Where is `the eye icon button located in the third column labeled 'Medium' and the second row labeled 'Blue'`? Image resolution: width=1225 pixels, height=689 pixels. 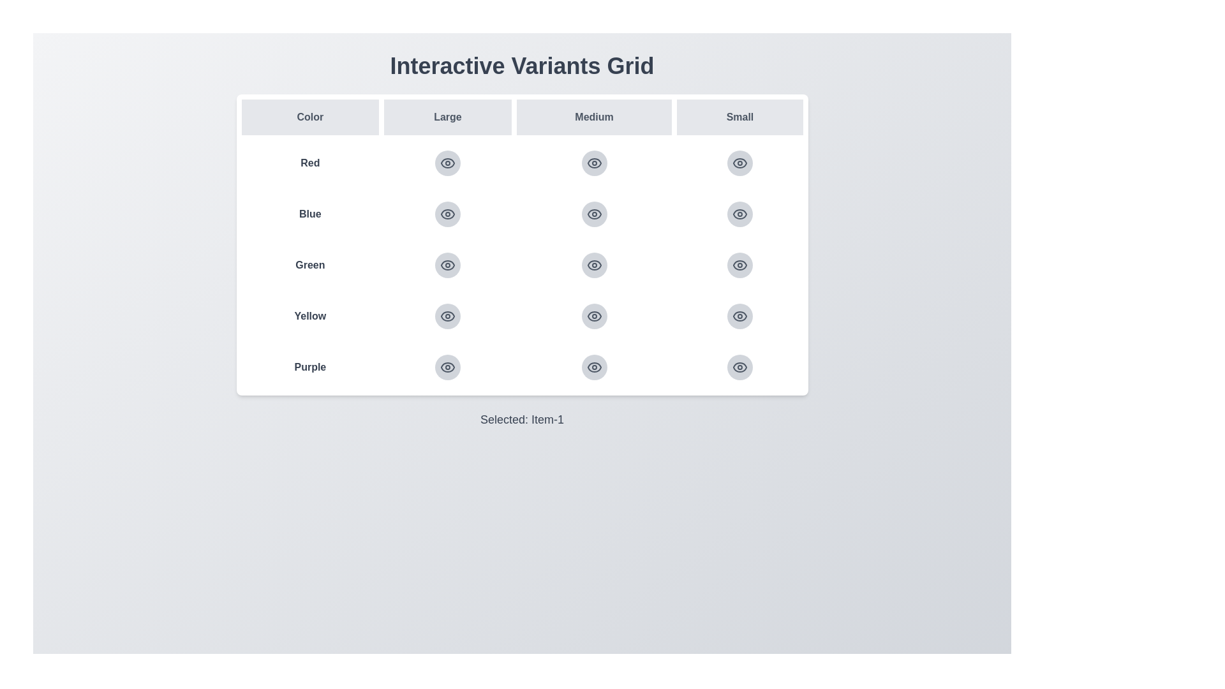
the eye icon button located in the third column labeled 'Medium' and the second row labeled 'Blue' is located at coordinates (593, 213).